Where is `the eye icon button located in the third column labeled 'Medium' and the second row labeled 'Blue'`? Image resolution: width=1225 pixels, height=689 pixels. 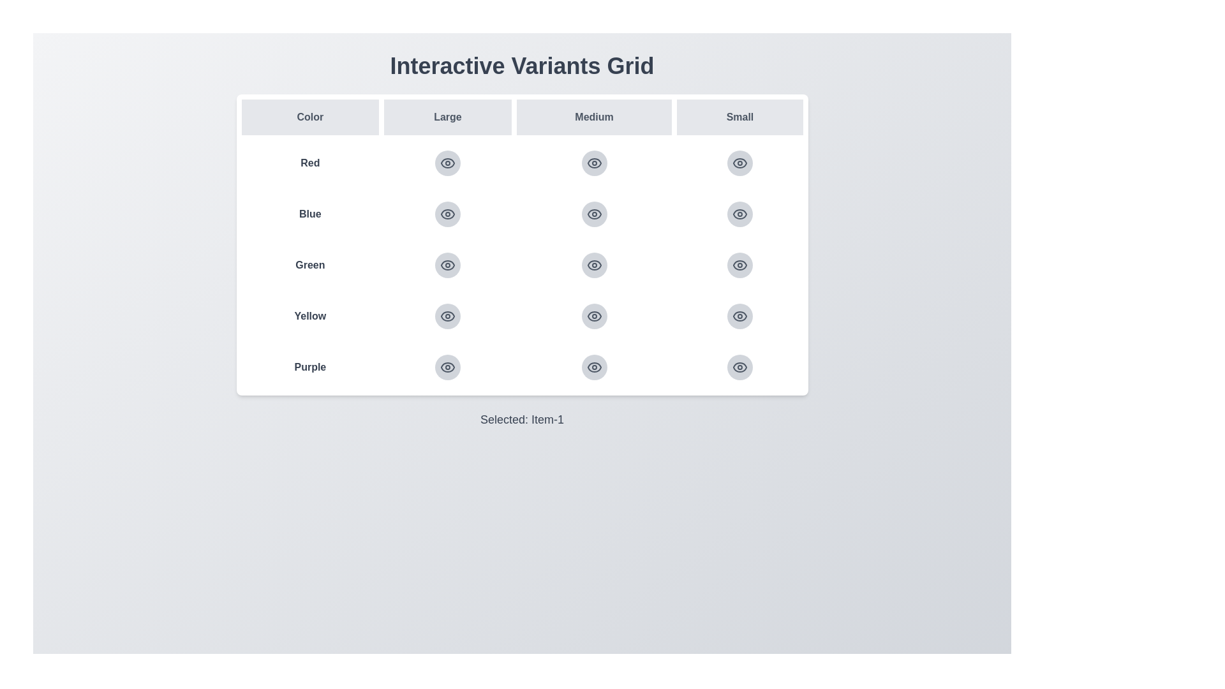
the eye icon button located in the third column labeled 'Medium' and the second row labeled 'Blue' is located at coordinates (593, 213).